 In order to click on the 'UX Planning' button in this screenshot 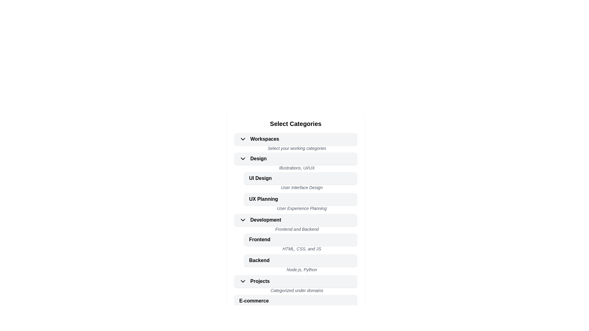, I will do `click(300, 199)`.